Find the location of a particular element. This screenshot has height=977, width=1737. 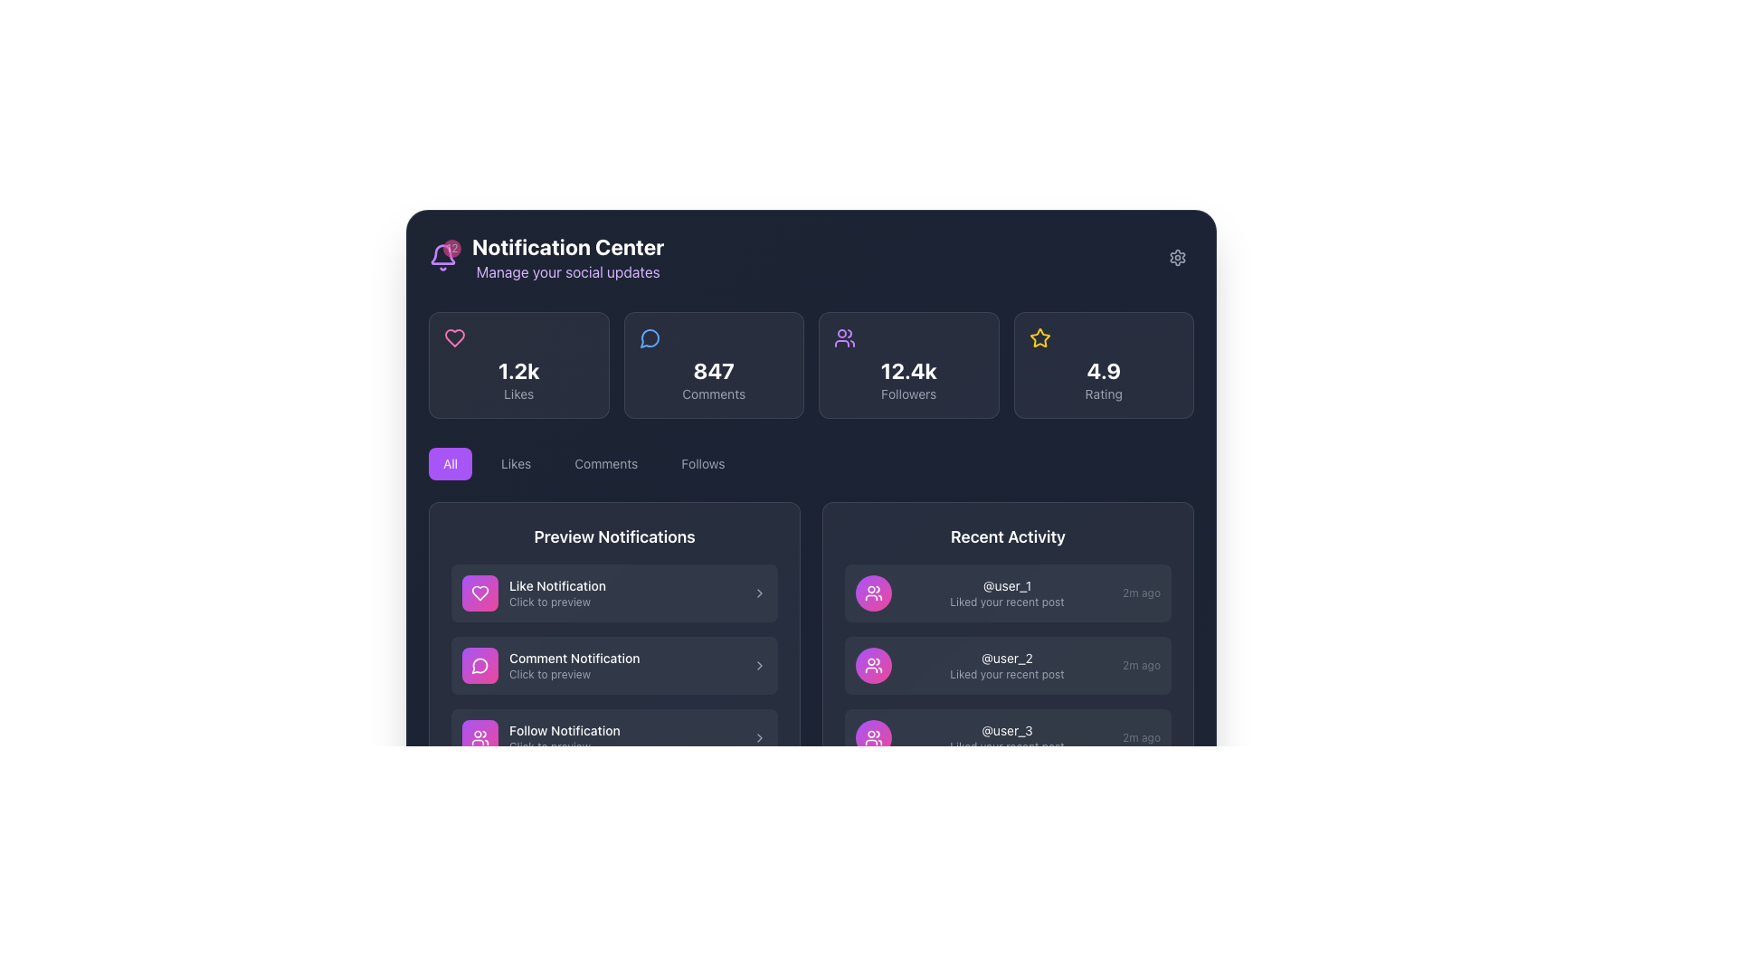

the informational card displaying a rating value of 4.9 with the 'Rating' label and star icon, located as the fourth statistic box in a row of four is located at coordinates (1103, 365).